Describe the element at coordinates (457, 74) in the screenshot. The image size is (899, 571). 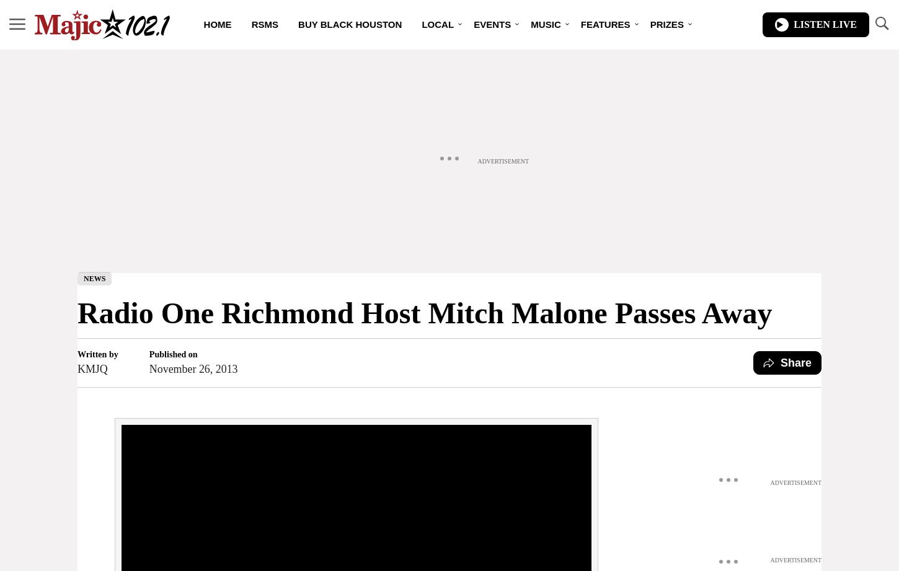
I see `'Houston Marketplace'` at that location.